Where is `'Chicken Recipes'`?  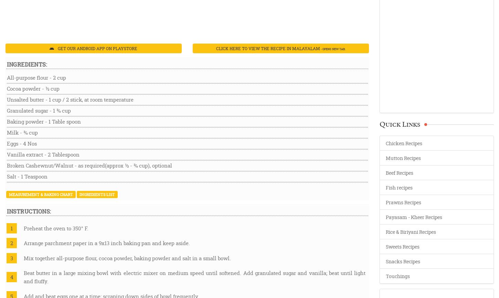 'Chicken Recipes' is located at coordinates (404, 143).